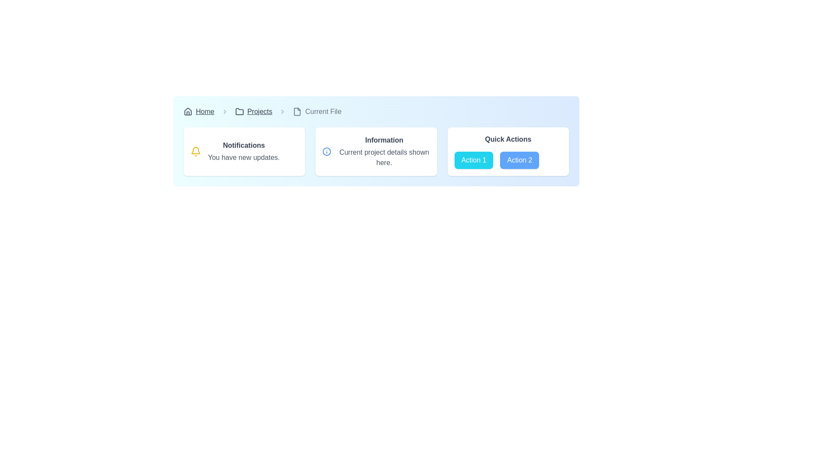 The width and height of the screenshot is (832, 468). Describe the element at coordinates (297, 111) in the screenshot. I see `the file icon in the breadcrumb navigation` at that location.